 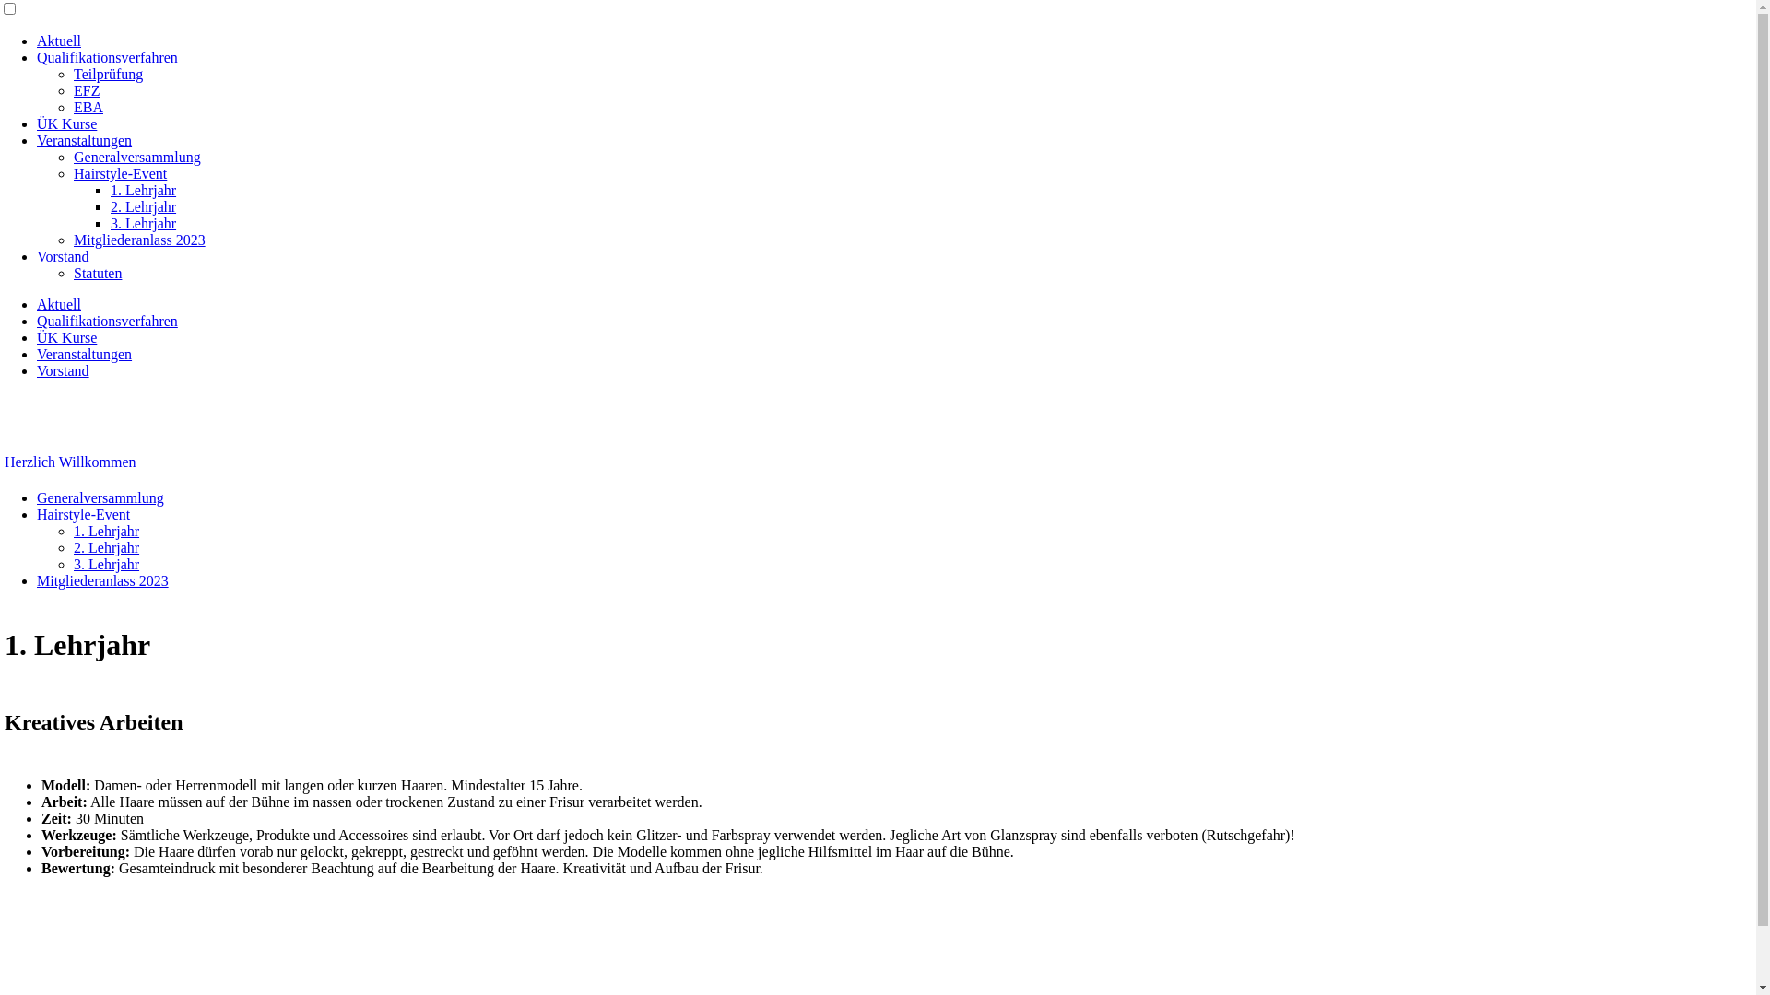 What do you see at coordinates (105, 546) in the screenshot?
I see `'2. Lehrjahr'` at bounding box center [105, 546].